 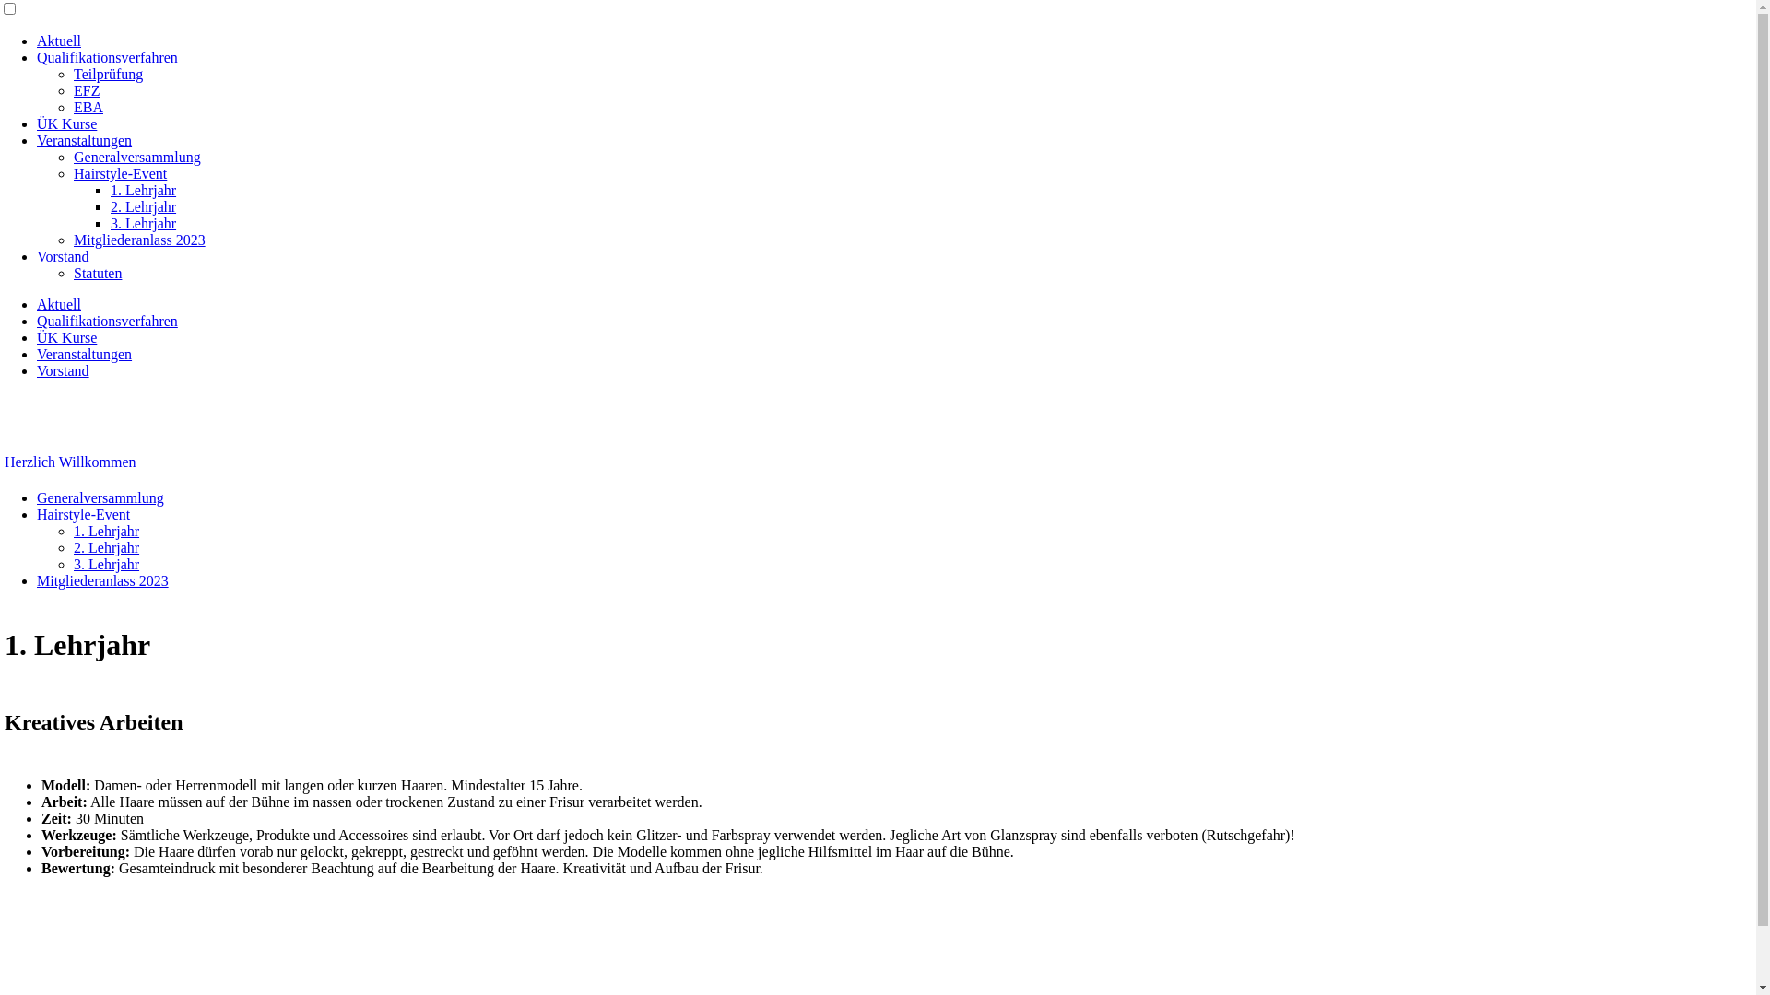 What do you see at coordinates (105, 546) in the screenshot?
I see `'2. Lehrjahr'` at bounding box center [105, 546].